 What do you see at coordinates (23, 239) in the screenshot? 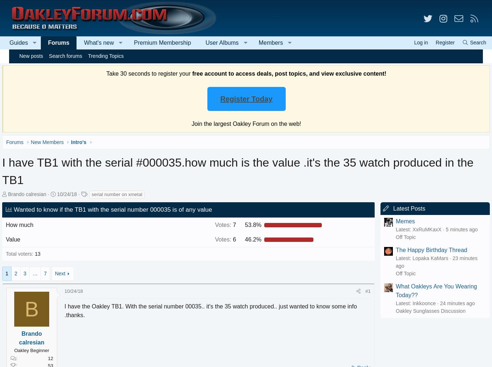
I see `'Value'` at bounding box center [23, 239].